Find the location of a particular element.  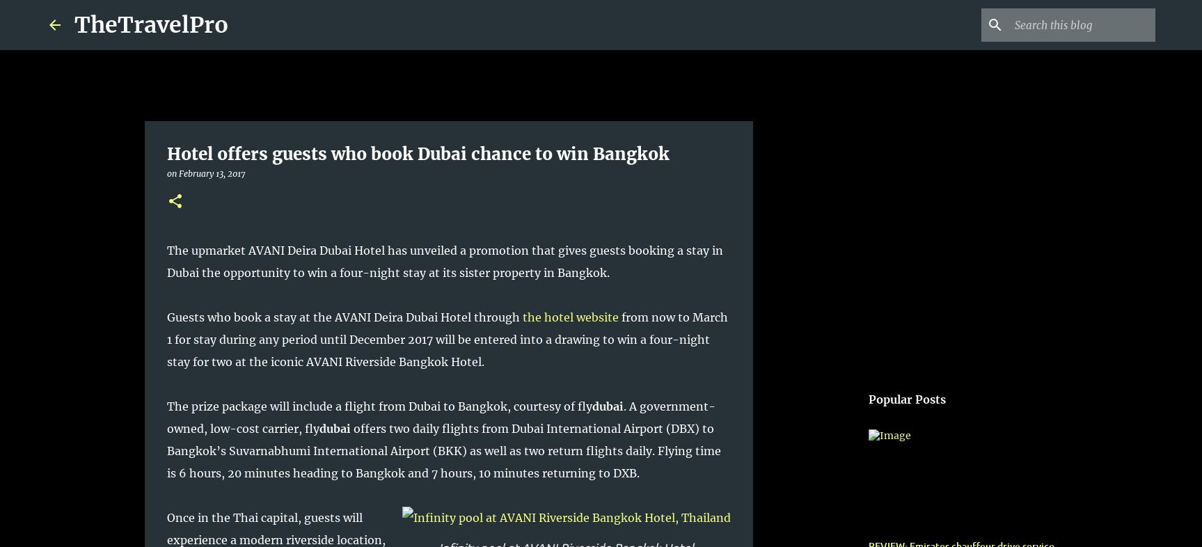

'TheTravelPro' is located at coordinates (151, 24).